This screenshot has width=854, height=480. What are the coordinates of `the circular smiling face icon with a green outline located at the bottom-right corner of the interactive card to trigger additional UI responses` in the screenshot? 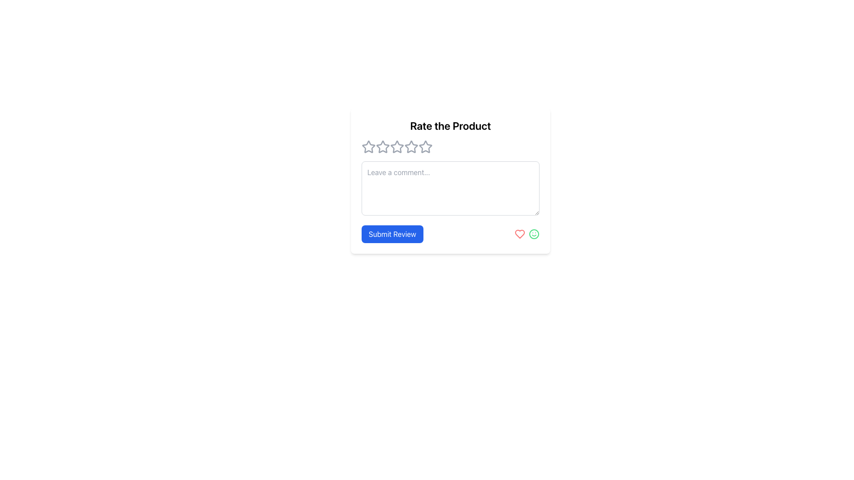 It's located at (534, 234).